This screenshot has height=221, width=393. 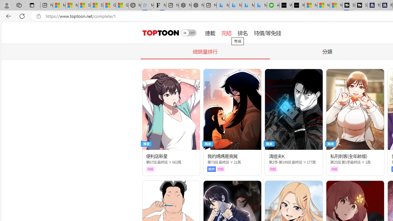 I want to click on 'Microsoft Bing Travel - Shangri-La Hotel Bangkok', so click(x=261, y=5).